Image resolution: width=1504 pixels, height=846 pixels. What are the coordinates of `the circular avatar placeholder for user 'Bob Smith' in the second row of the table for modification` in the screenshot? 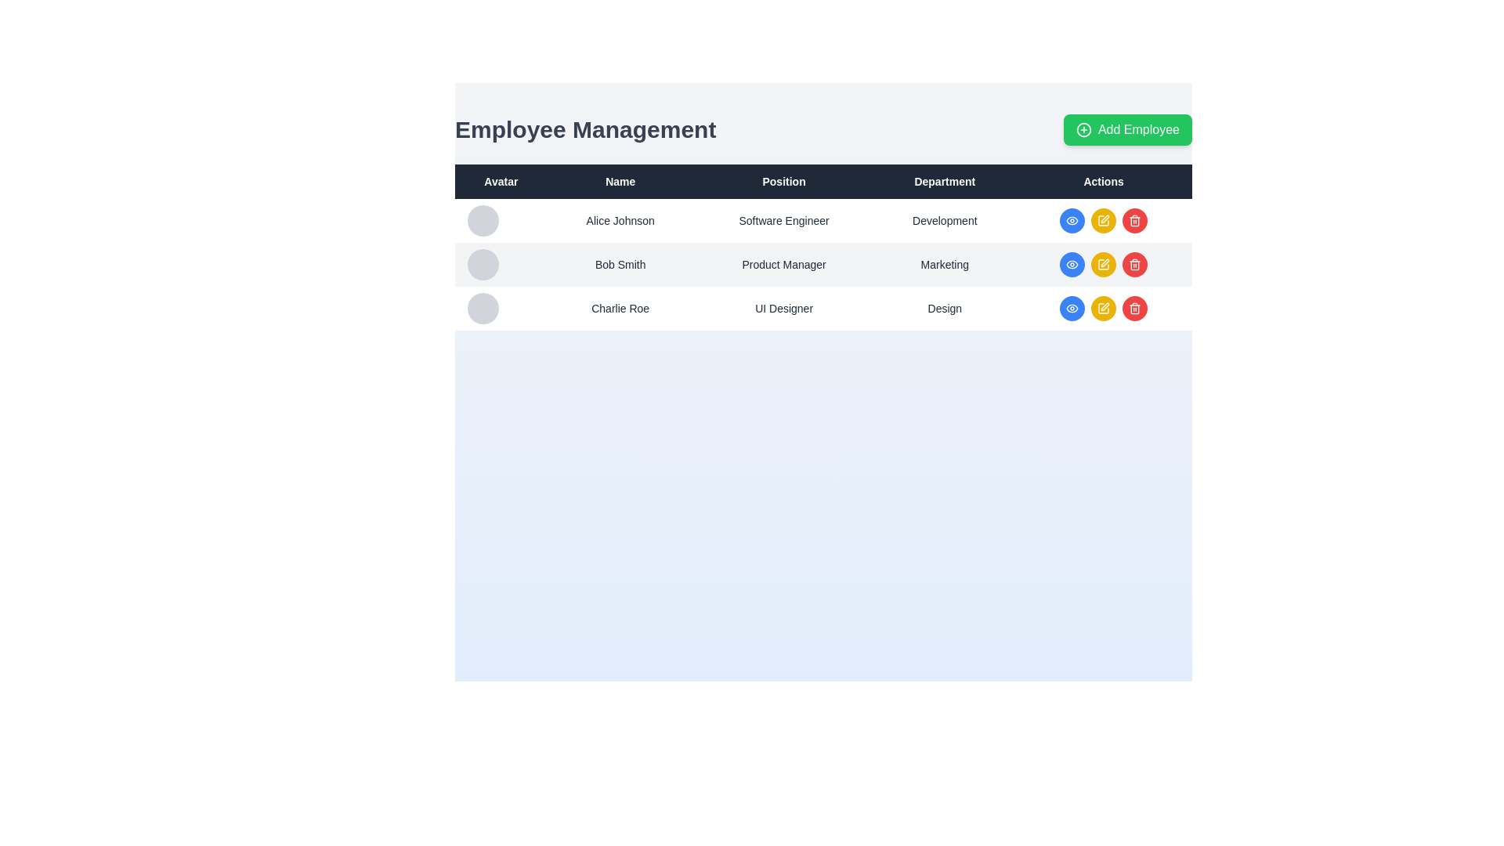 It's located at (500, 264).